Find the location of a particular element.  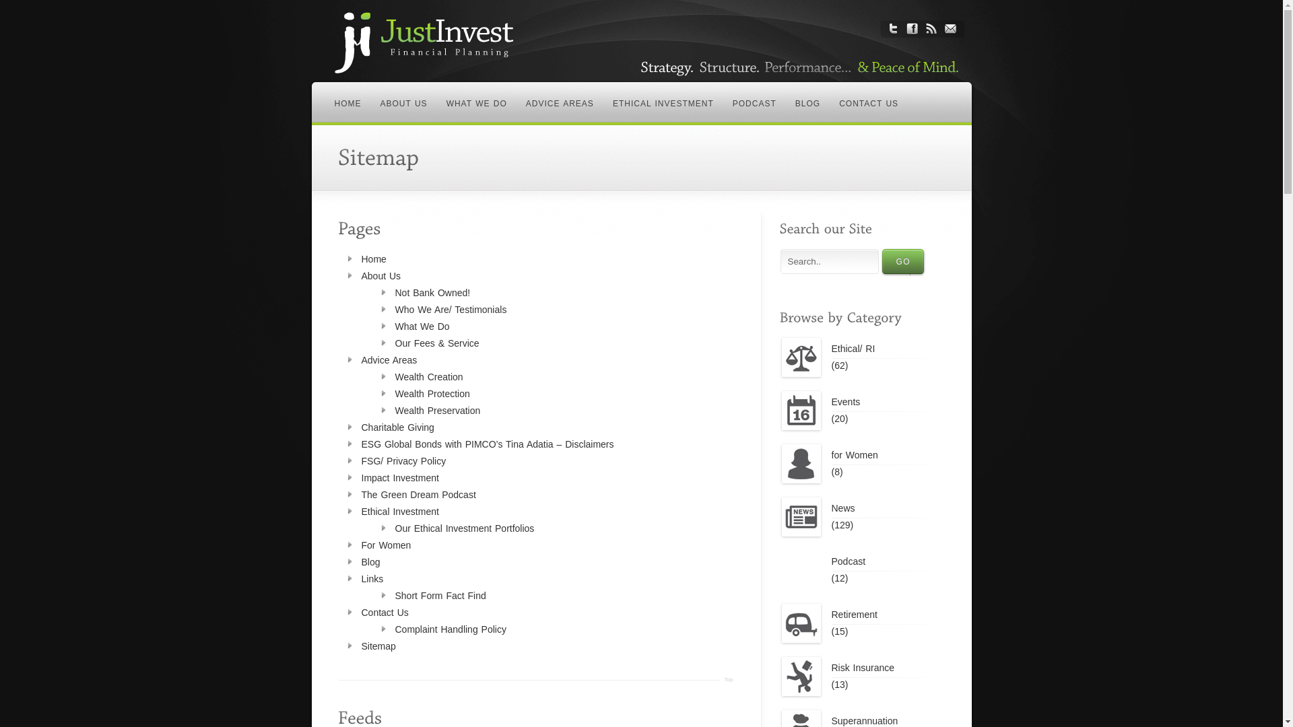

'ABOUT US' is located at coordinates (370, 103).